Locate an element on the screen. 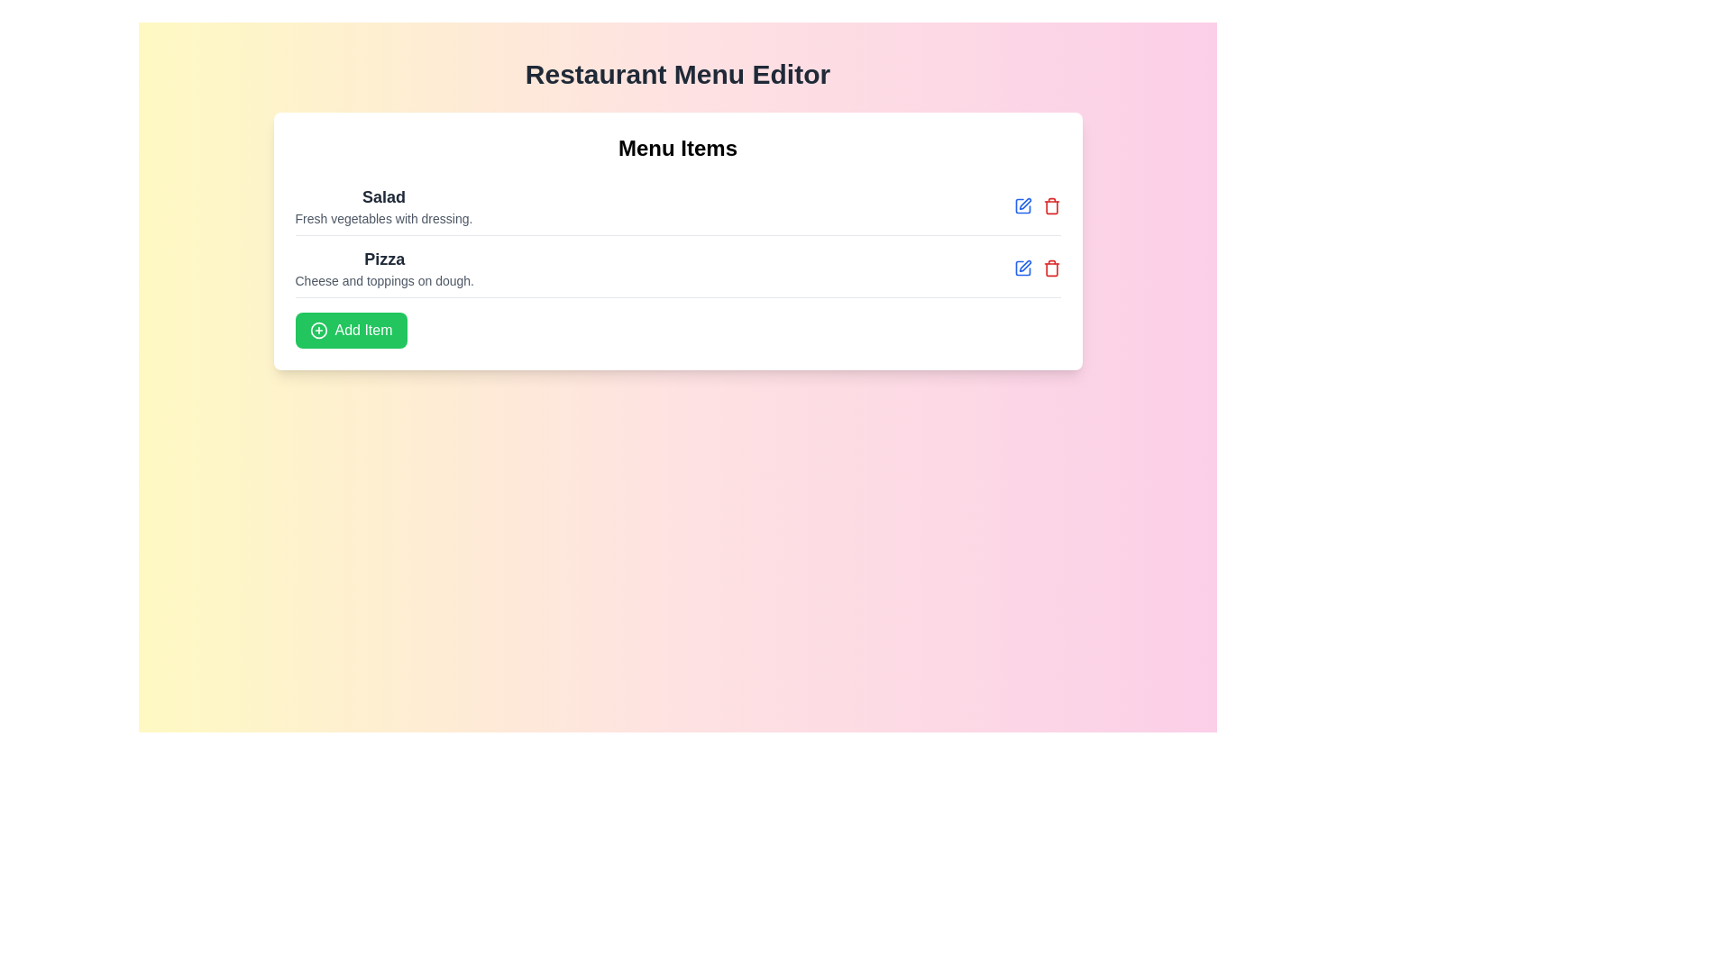  the edit icon next to the menu item Pizza is located at coordinates (1022, 268).